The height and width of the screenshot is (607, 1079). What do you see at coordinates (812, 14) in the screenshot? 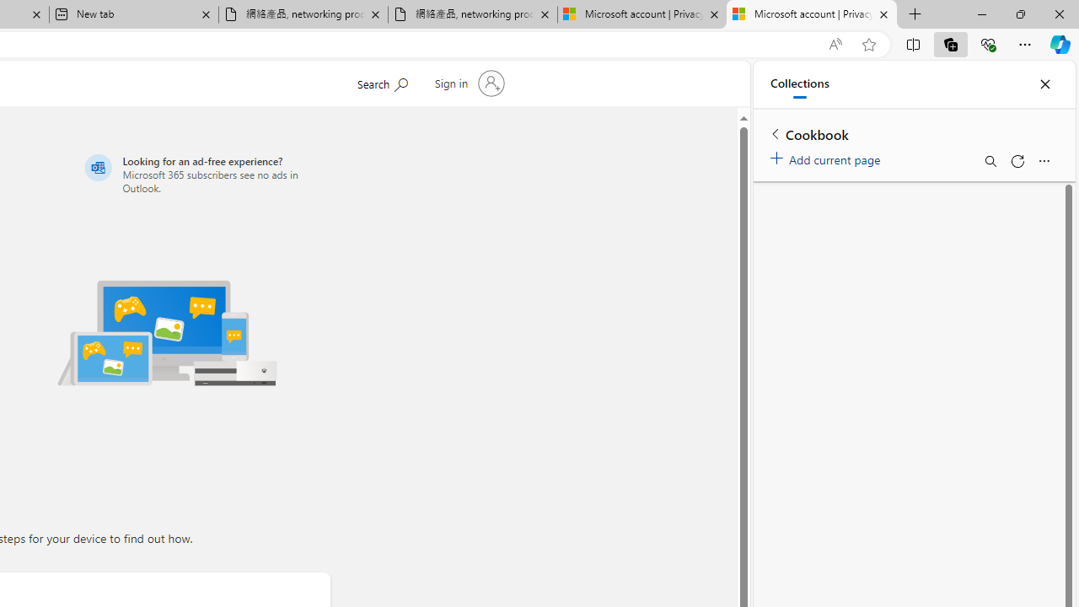
I see `'Microsoft account | Privacy'` at bounding box center [812, 14].